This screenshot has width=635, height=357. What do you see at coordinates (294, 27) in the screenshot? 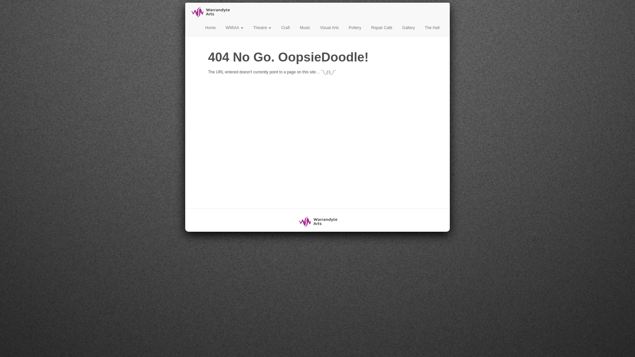
I see `'Music'` at bounding box center [294, 27].